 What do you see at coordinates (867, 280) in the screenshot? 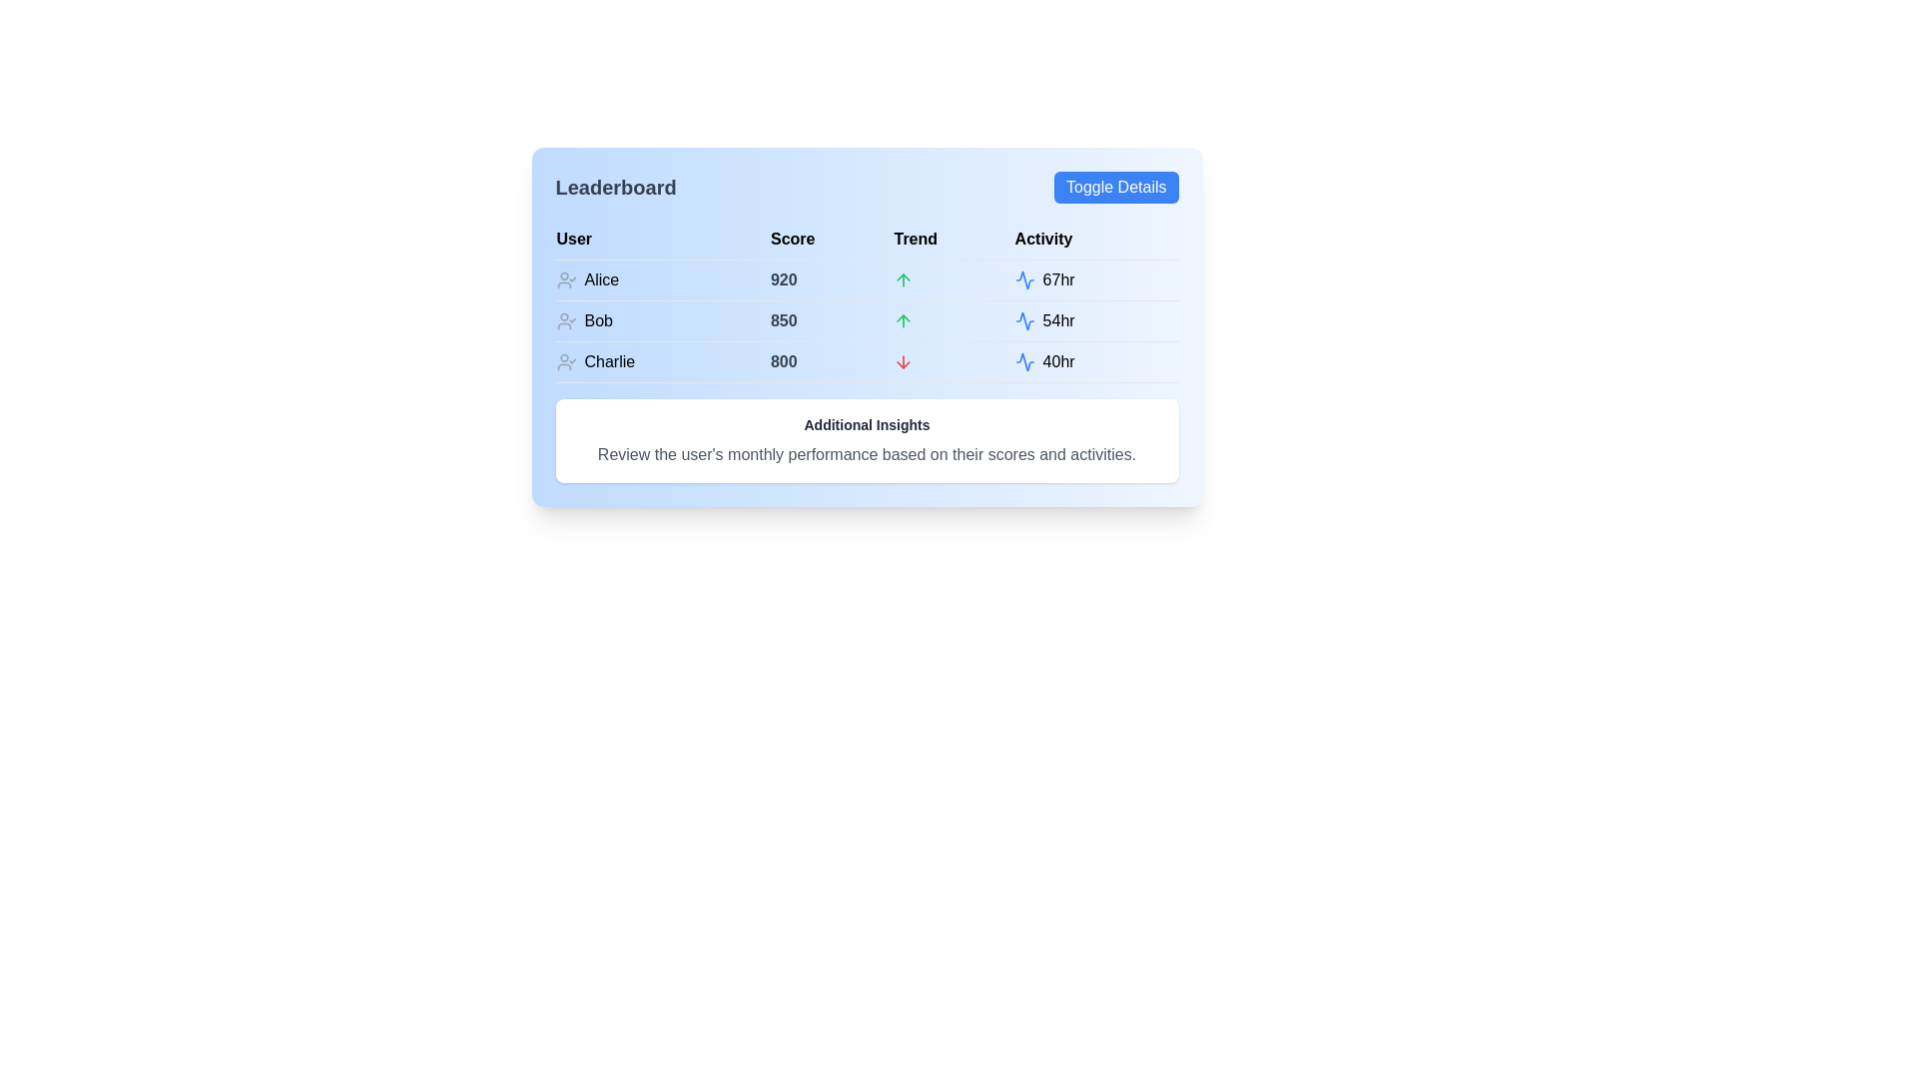
I see `the first row of the leaderboard table that displays user information including name, score, trend, and activity duration` at bounding box center [867, 280].